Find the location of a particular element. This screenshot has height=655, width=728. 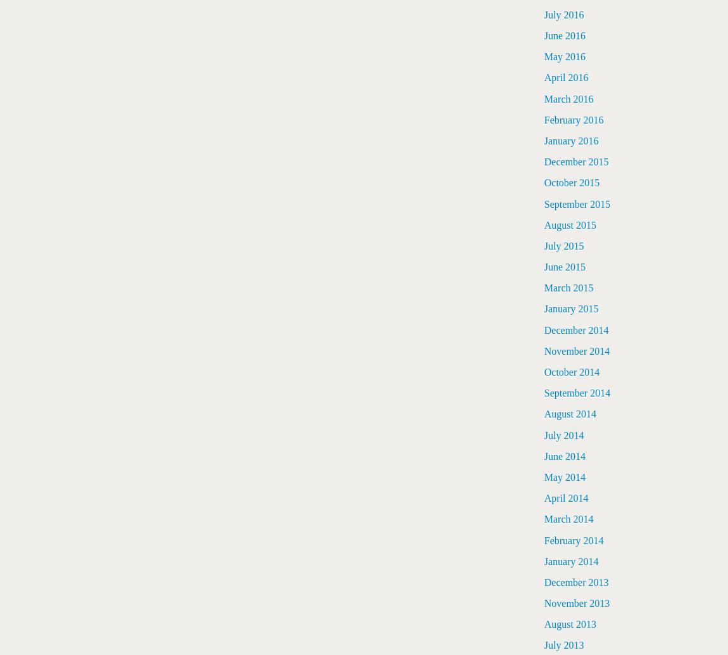

'March 2014' is located at coordinates (568, 518).